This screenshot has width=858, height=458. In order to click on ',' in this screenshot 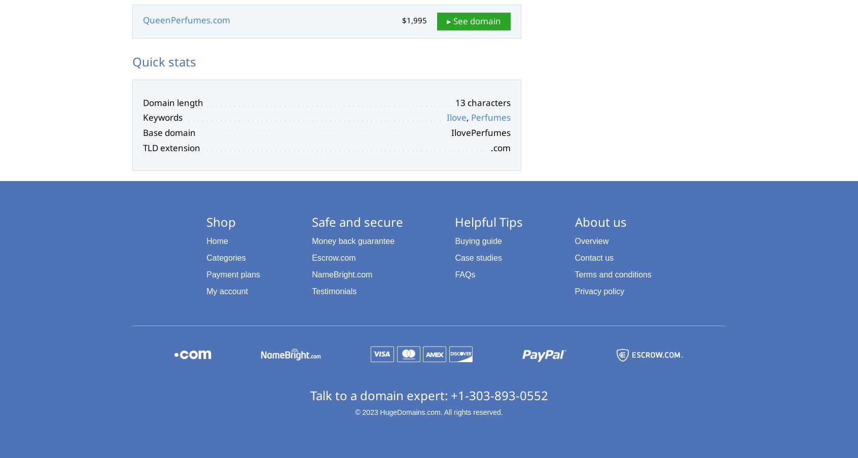, I will do `click(469, 117)`.